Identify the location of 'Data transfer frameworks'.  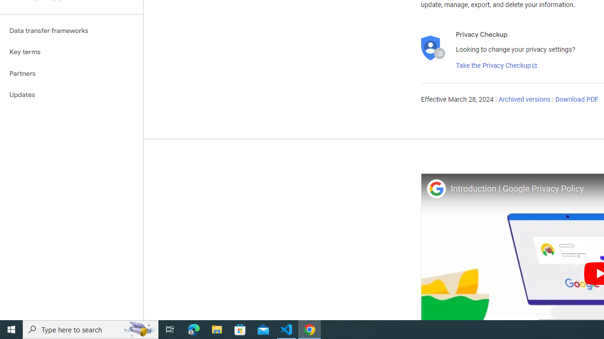
(71, 30).